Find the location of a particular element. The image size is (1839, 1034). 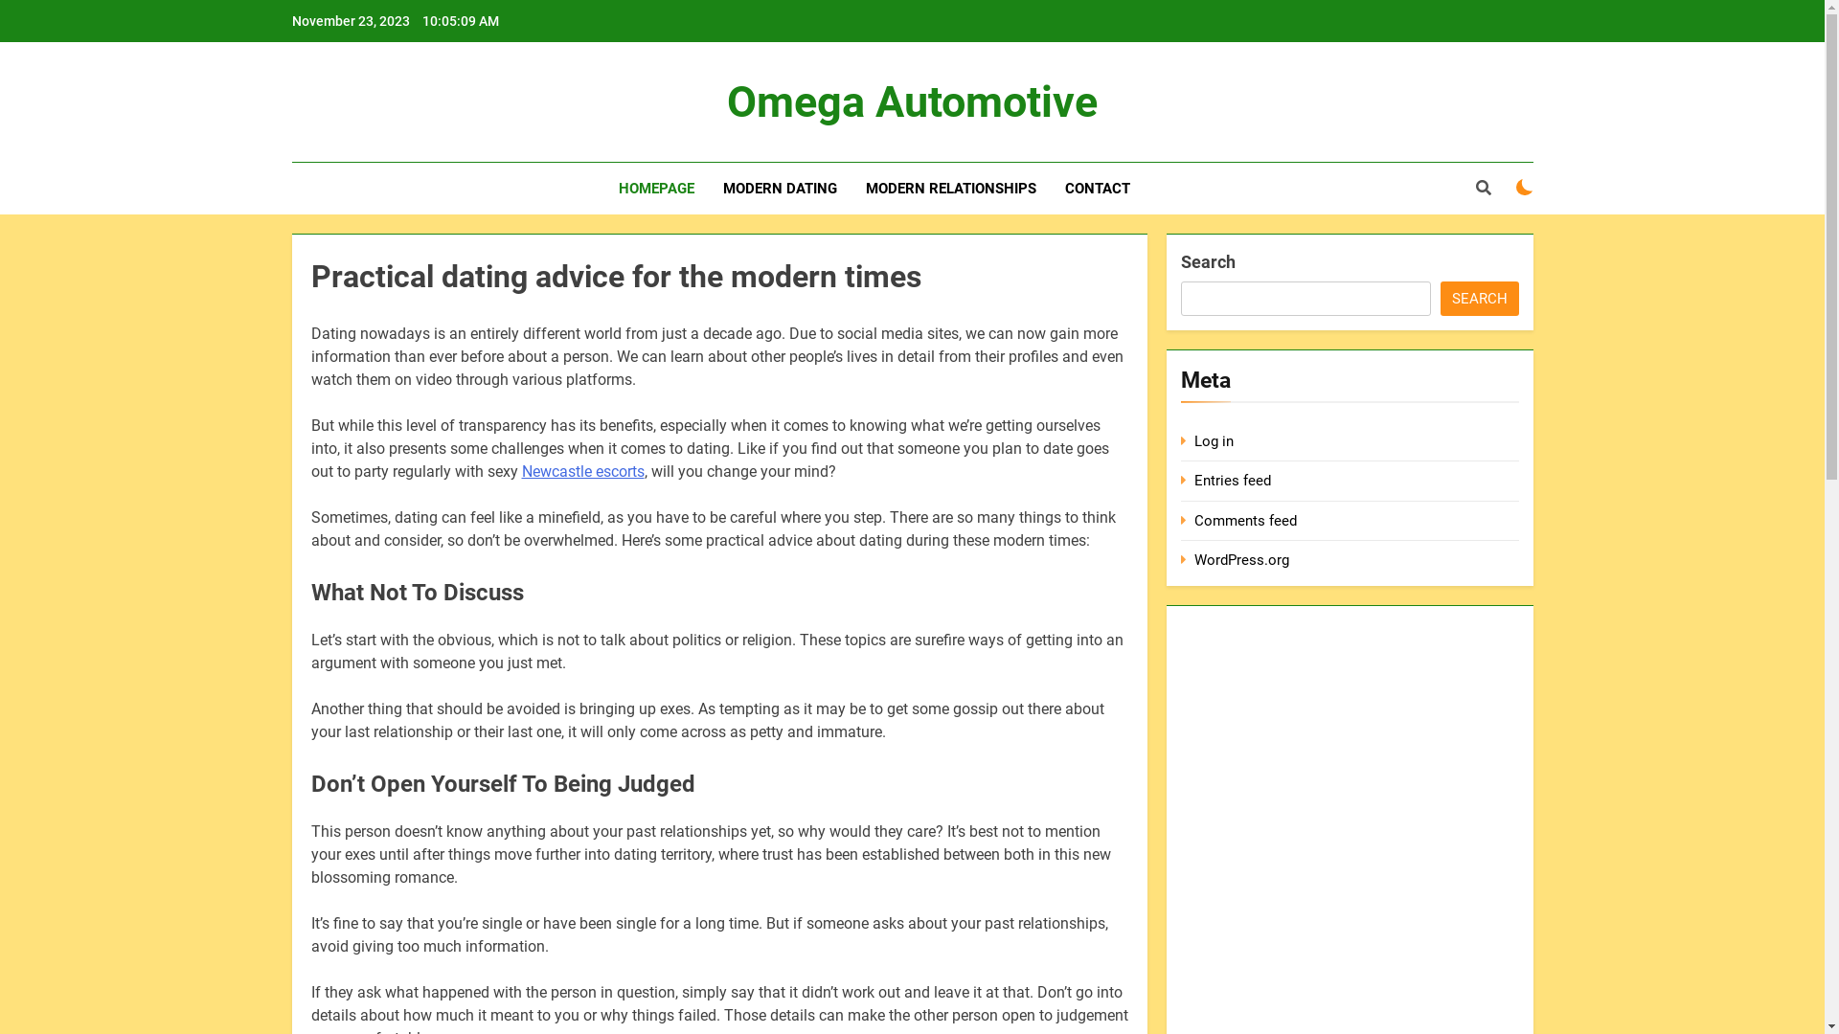

'Newcastle escorts' is located at coordinates (581, 471).